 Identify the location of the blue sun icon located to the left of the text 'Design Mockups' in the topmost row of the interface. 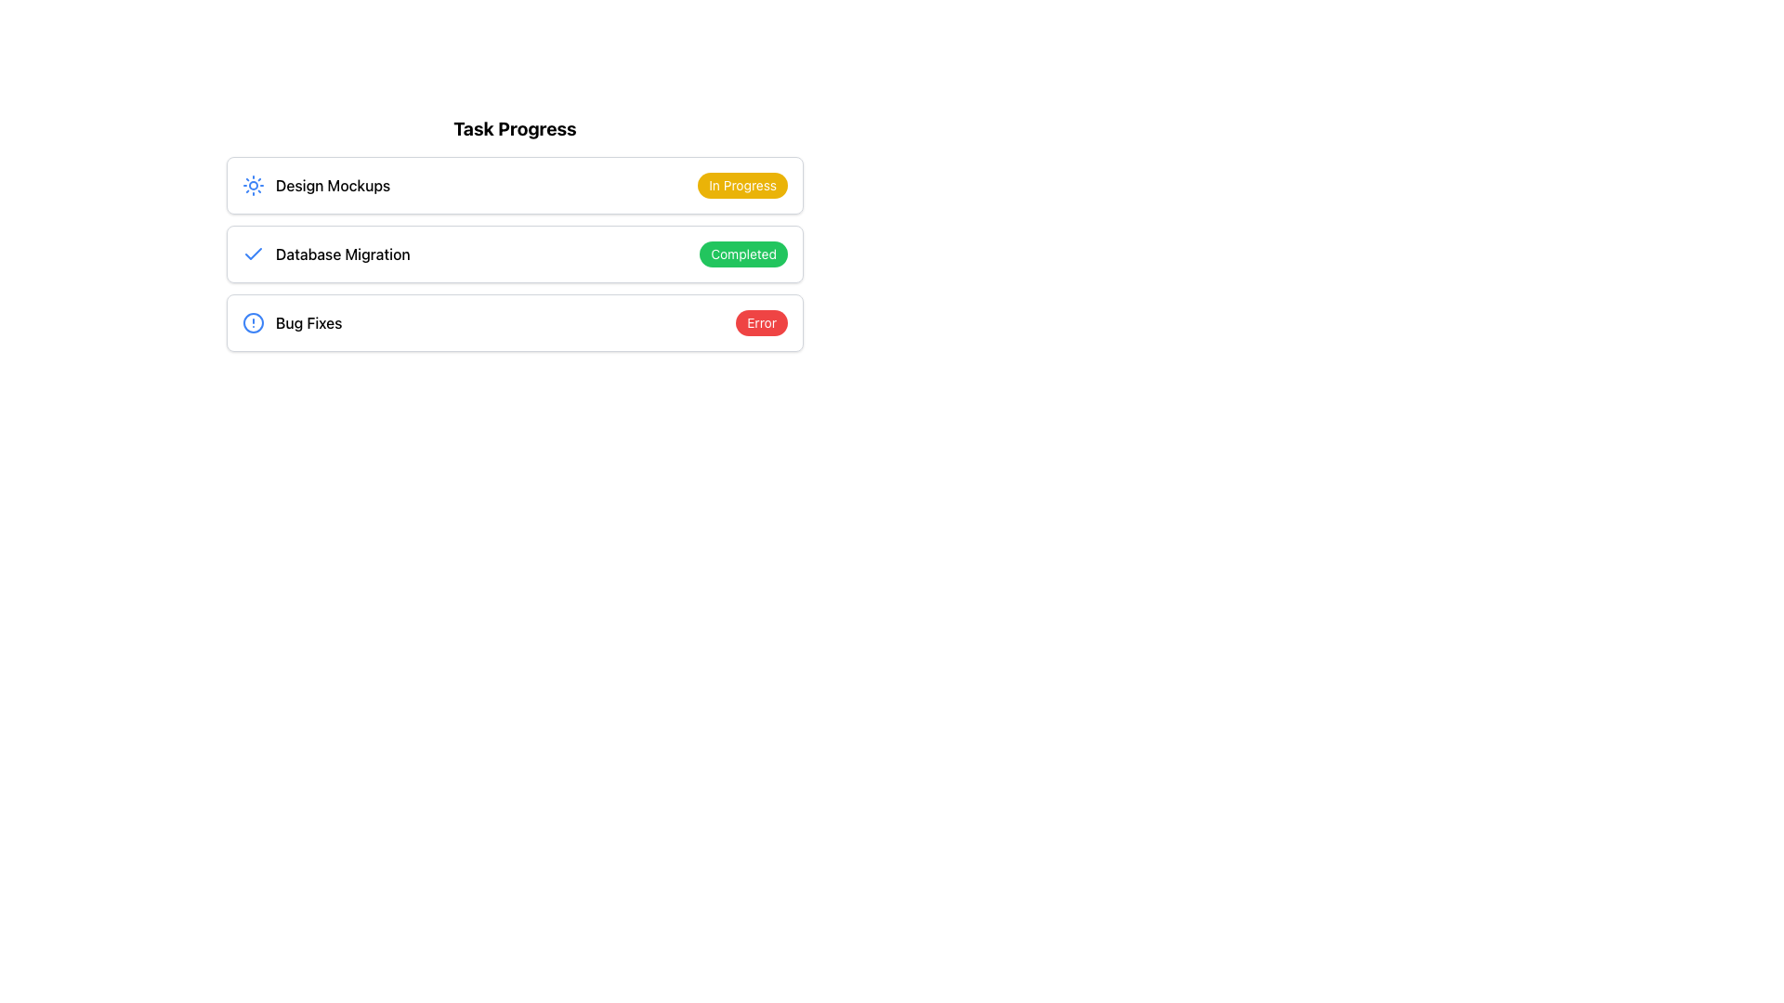
(253, 186).